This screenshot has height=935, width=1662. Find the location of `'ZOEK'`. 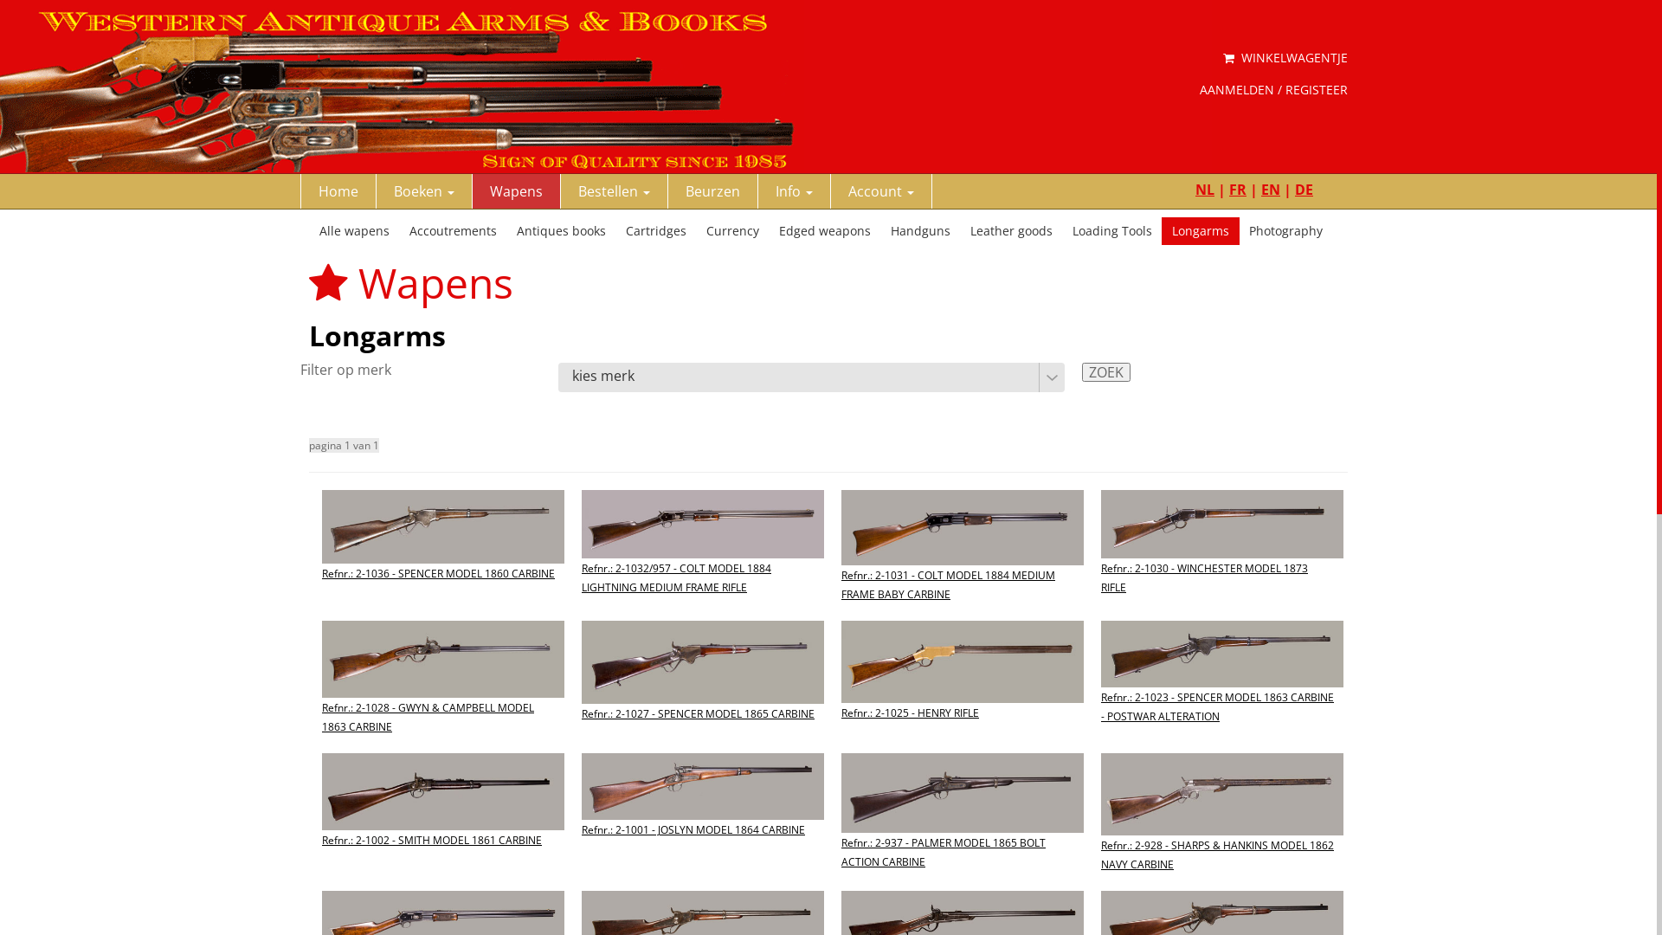

'ZOEK' is located at coordinates (1105, 371).